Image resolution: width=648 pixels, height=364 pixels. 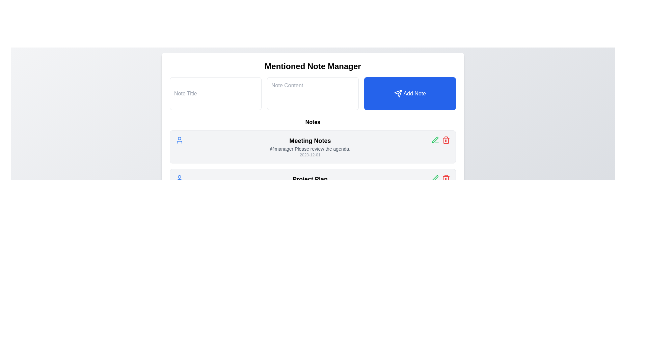 What do you see at coordinates (440, 178) in the screenshot?
I see `the red trash icon located at the bottom right corner of the 'Project Plan' note card within the 'Notes' section` at bounding box center [440, 178].